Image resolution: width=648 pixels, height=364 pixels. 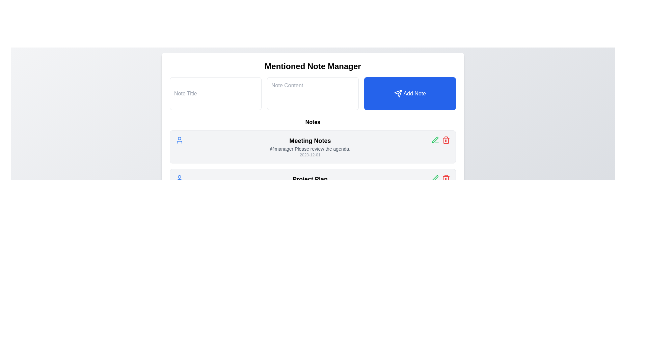 What do you see at coordinates (440, 178) in the screenshot?
I see `the red trash icon located at the bottom right corner of the 'Project Plan' note card within the 'Notes' section` at bounding box center [440, 178].